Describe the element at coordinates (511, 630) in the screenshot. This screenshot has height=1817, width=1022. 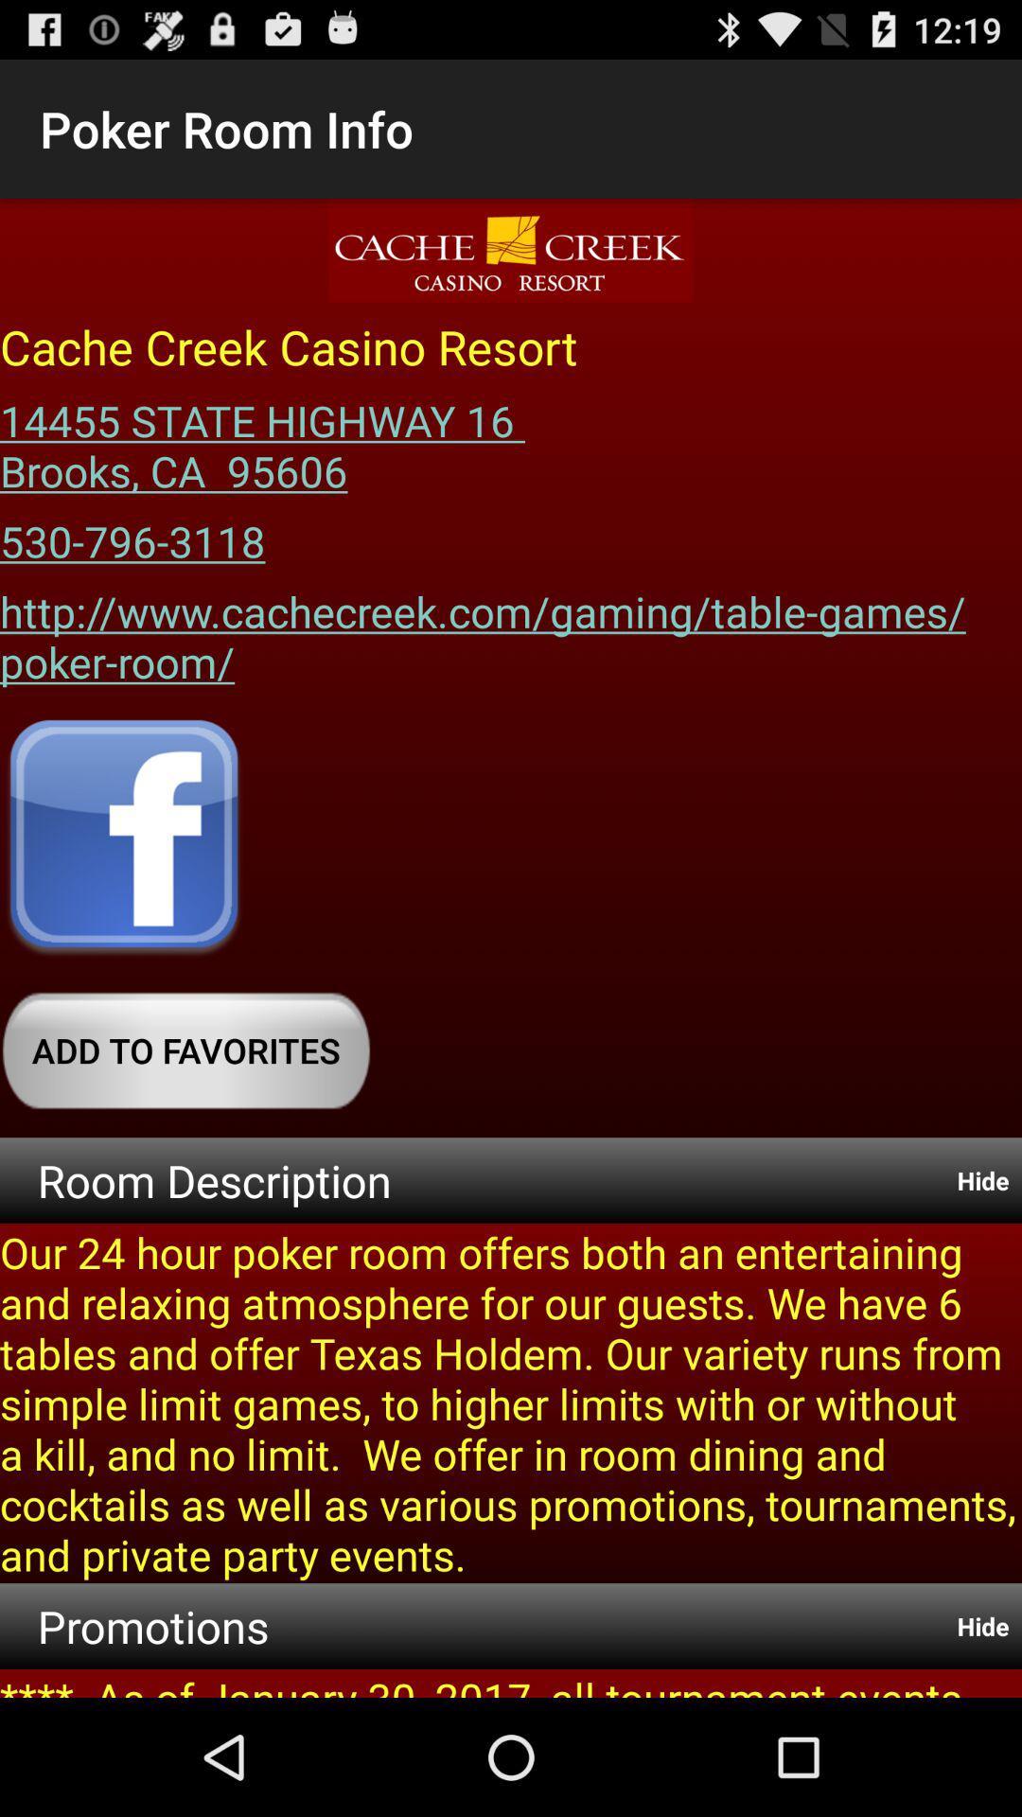
I see `the item at the center` at that location.